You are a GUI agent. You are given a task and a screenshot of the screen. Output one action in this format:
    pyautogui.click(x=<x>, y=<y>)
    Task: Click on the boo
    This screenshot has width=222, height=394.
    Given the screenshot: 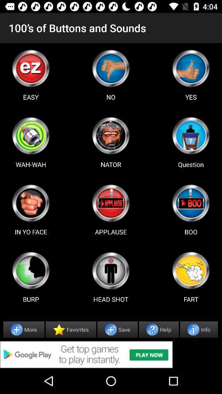 What is the action you would take?
    pyautogui.click(x=191, y=203)
    